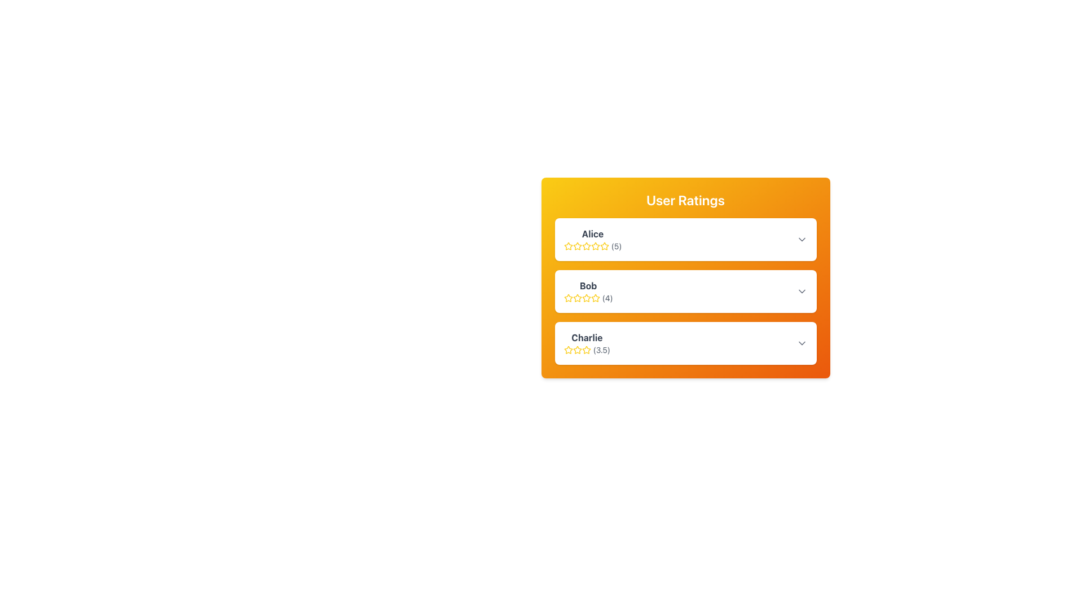 The height and width of the screenshot is (609, 1083). What do you see at coordinates (586, 297) in the screenshot?
I see `the fourth star icon in the rating row for user 'Bob', which visually indicates a selected state in the star rating system` at bounding box center [586, 297].